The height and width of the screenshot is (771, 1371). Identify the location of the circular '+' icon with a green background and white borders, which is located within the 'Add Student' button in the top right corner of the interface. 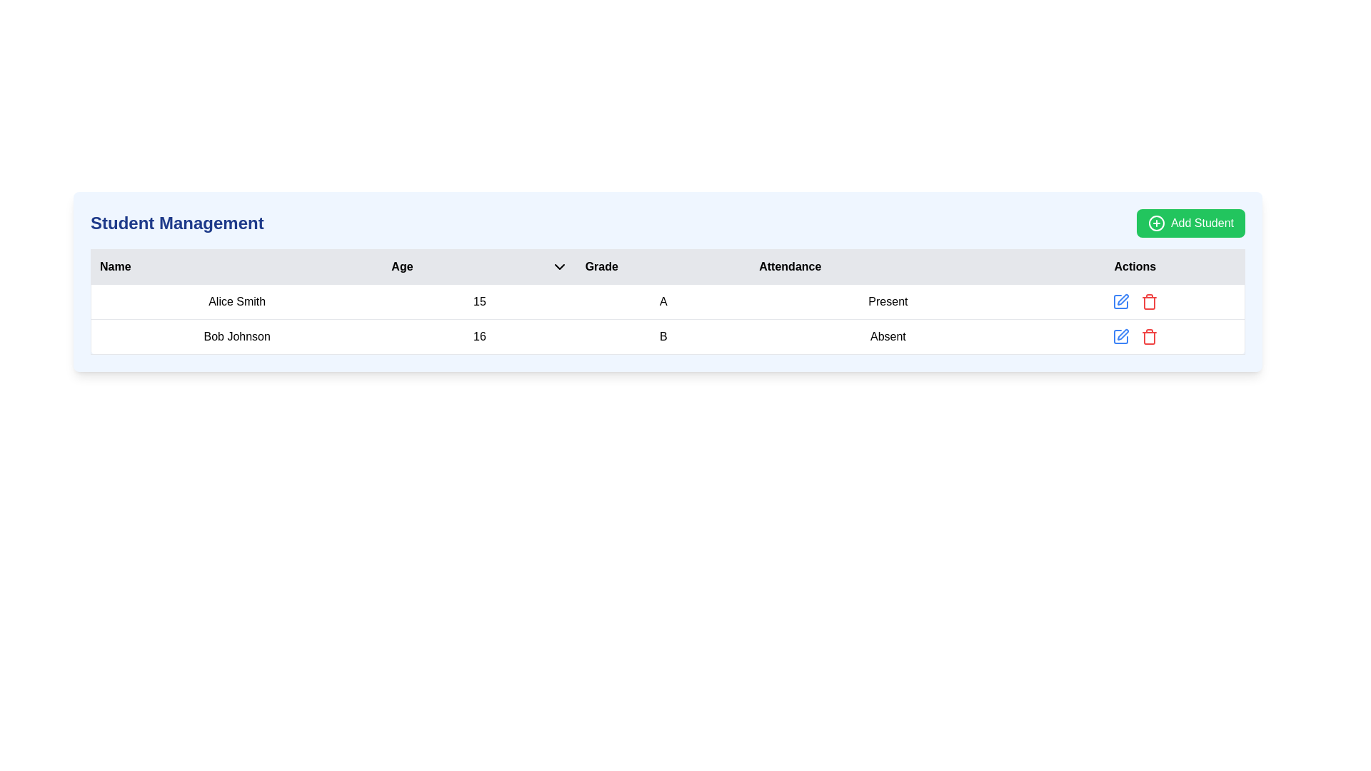
(1156, 223).